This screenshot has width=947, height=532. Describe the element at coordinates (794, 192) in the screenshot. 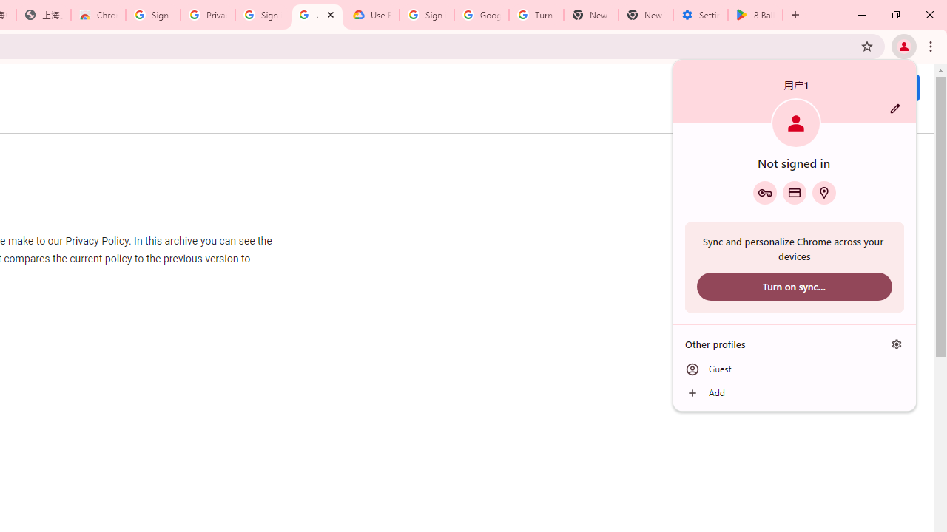

I see `'Payment methods'` at that location.